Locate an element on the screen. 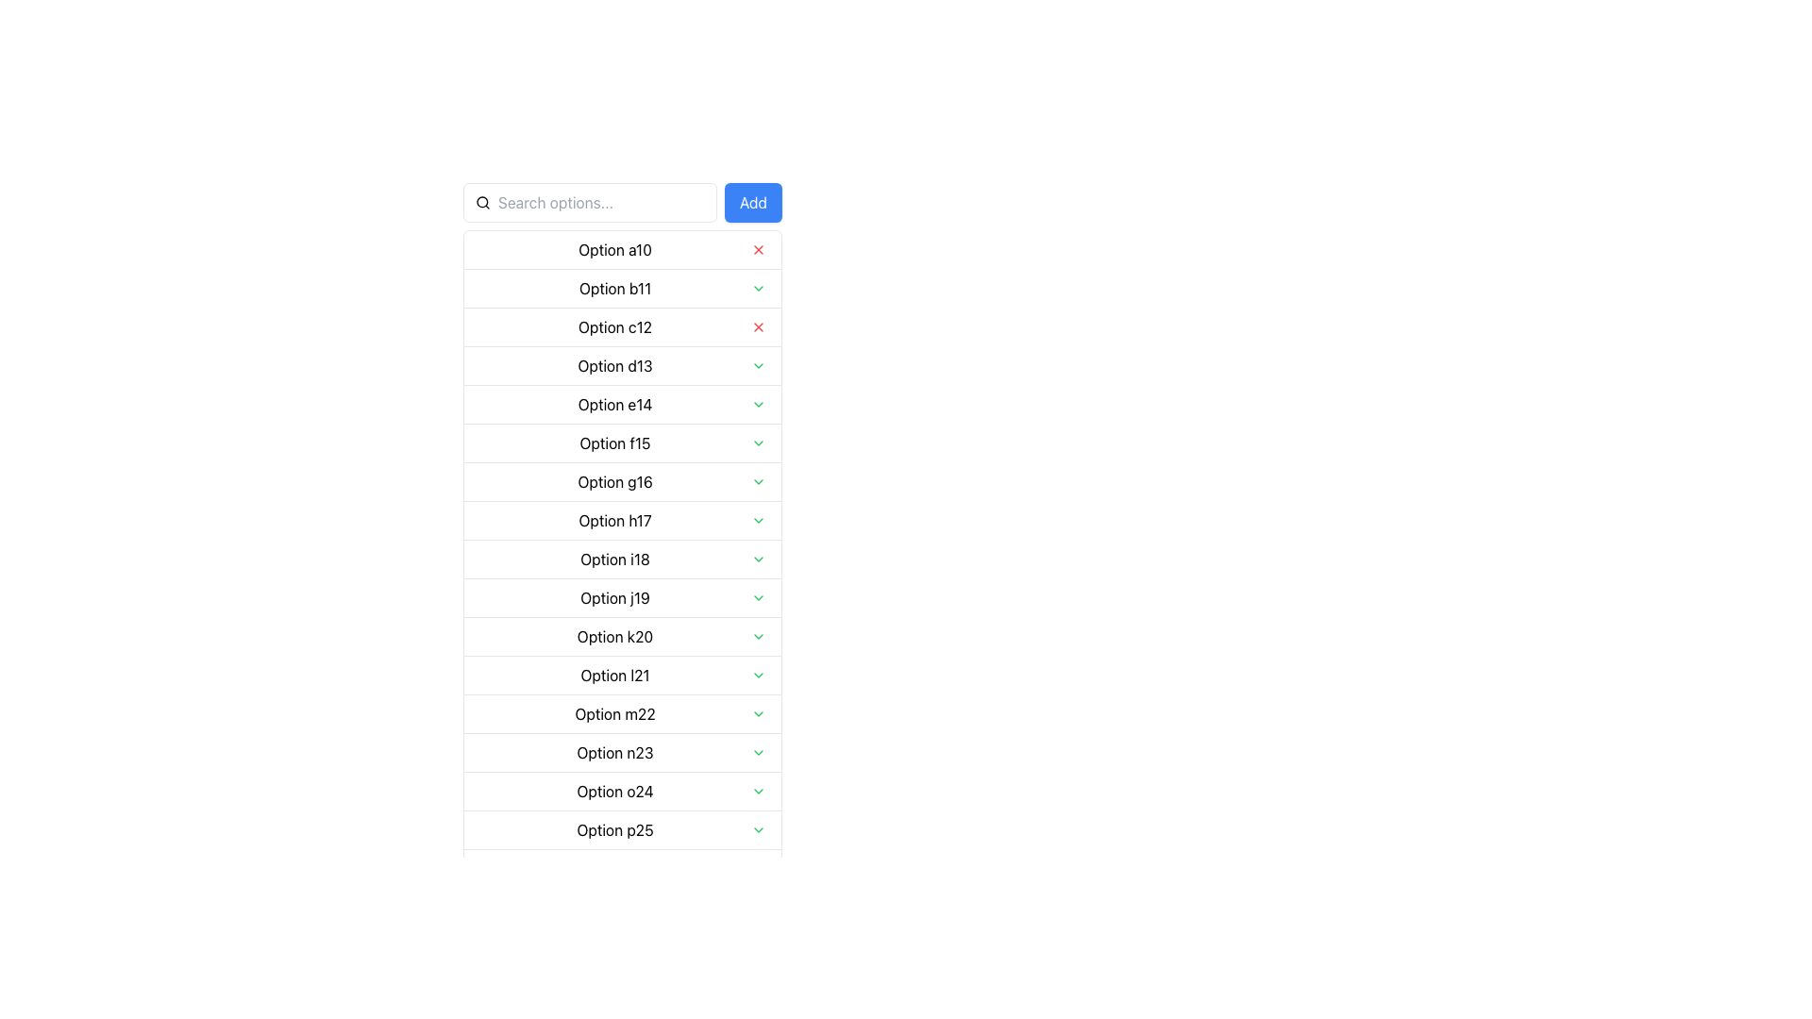 Image resolution: width=1812 pixels, height=1019 pixels. the small, green downward-pointing chevron icon located to the right of the text 'Option k20' is located at coordinates (759, 637).